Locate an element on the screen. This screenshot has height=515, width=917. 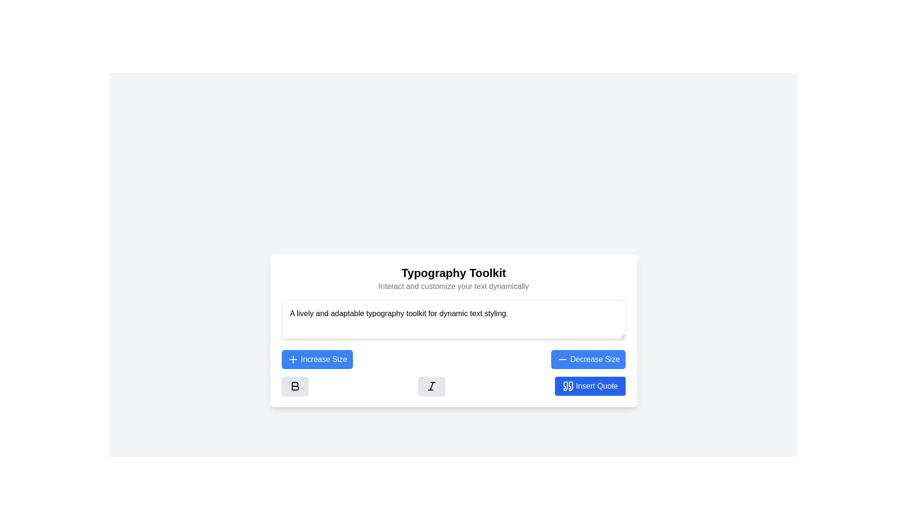
the 'Insert Quote' icon located to the left of the text label in the bottom-right corner of the main interactive interface is located at coordinates (568, 385).